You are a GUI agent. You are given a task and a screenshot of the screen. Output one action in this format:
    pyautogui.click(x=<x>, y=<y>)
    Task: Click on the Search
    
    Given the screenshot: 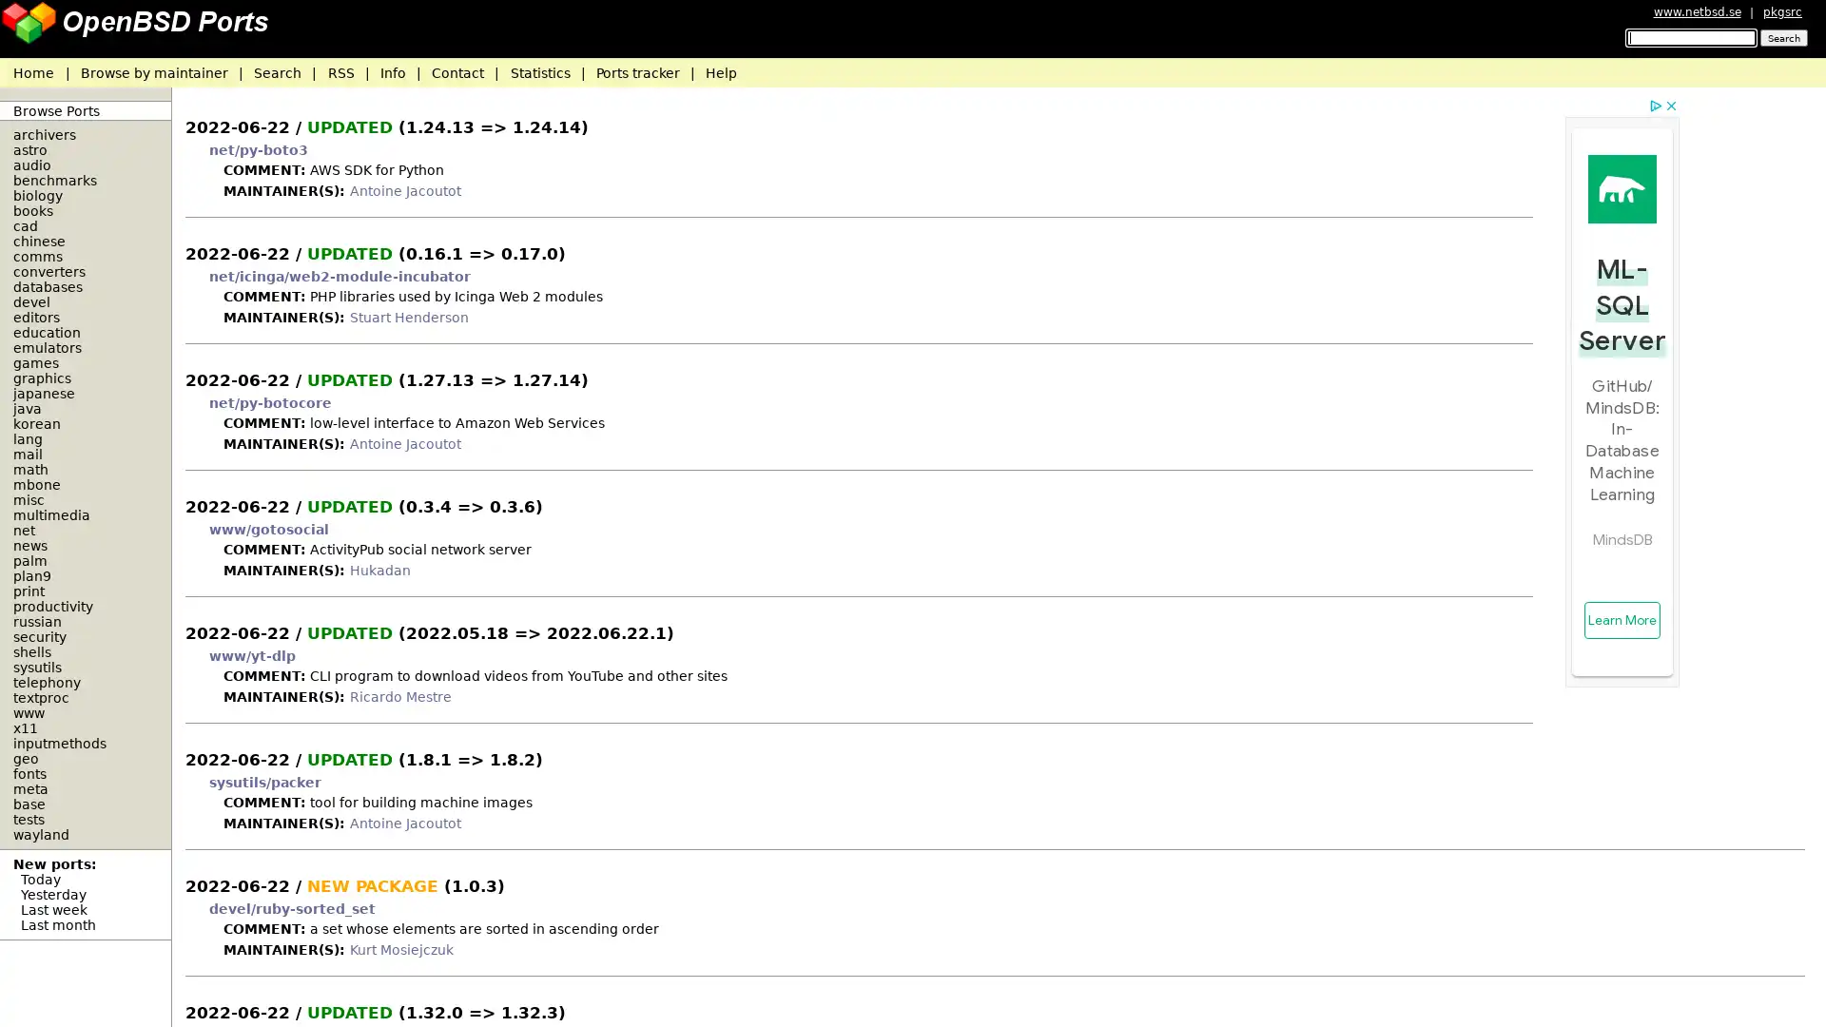 What is the action you would take?
    pyautogui.click(x=1782, y=37)
    